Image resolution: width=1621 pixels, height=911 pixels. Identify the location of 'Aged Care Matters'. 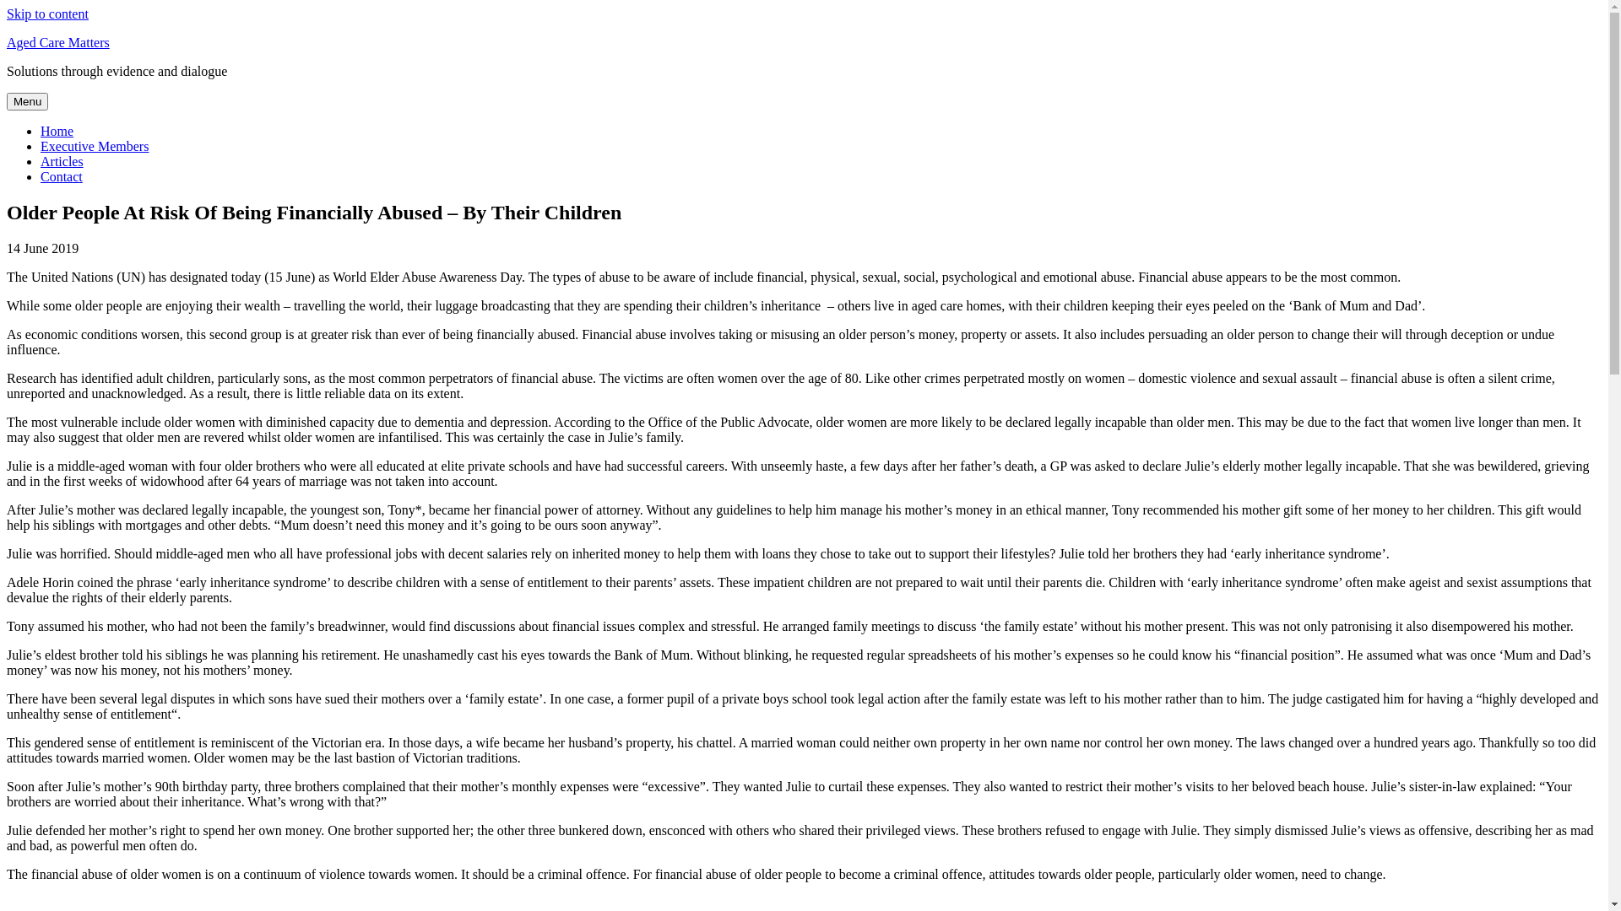
(57, 41).